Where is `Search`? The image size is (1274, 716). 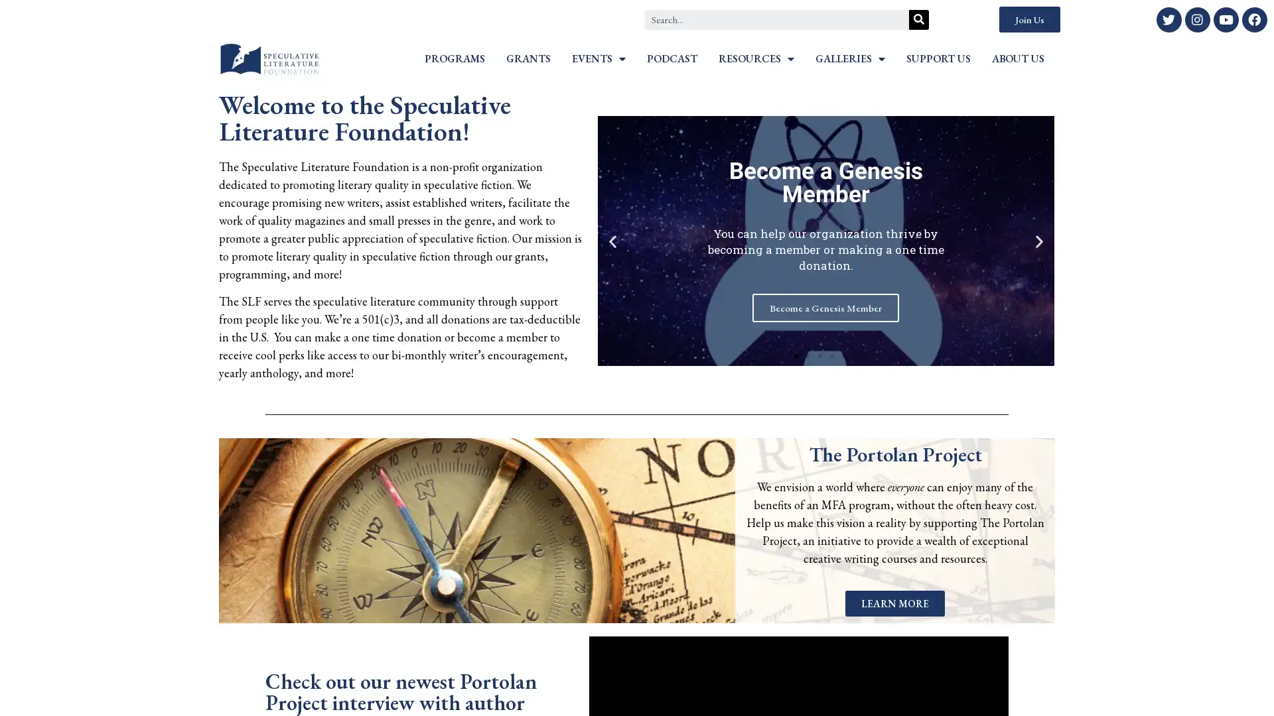
Search is located at coordinates (918, 19).